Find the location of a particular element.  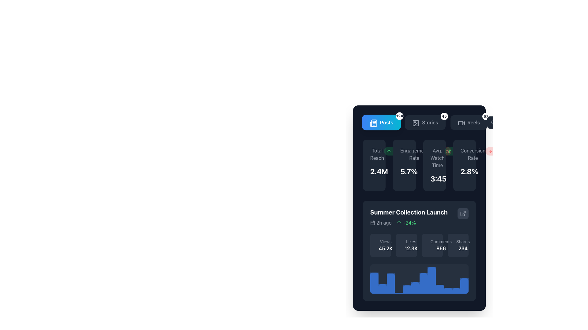

the larger rounded rectangle SVG shape located in the top right section of the UI, which serves as a placeholder or image outline is located at coordinates (416, 123).